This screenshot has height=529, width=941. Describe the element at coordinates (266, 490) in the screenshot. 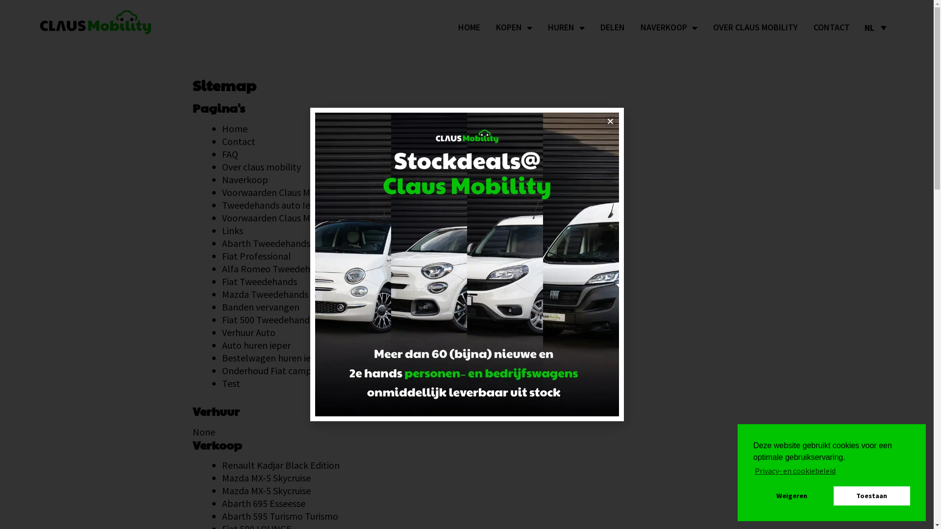

I see `'Mazda MX-5 Skycruise'` at that location.